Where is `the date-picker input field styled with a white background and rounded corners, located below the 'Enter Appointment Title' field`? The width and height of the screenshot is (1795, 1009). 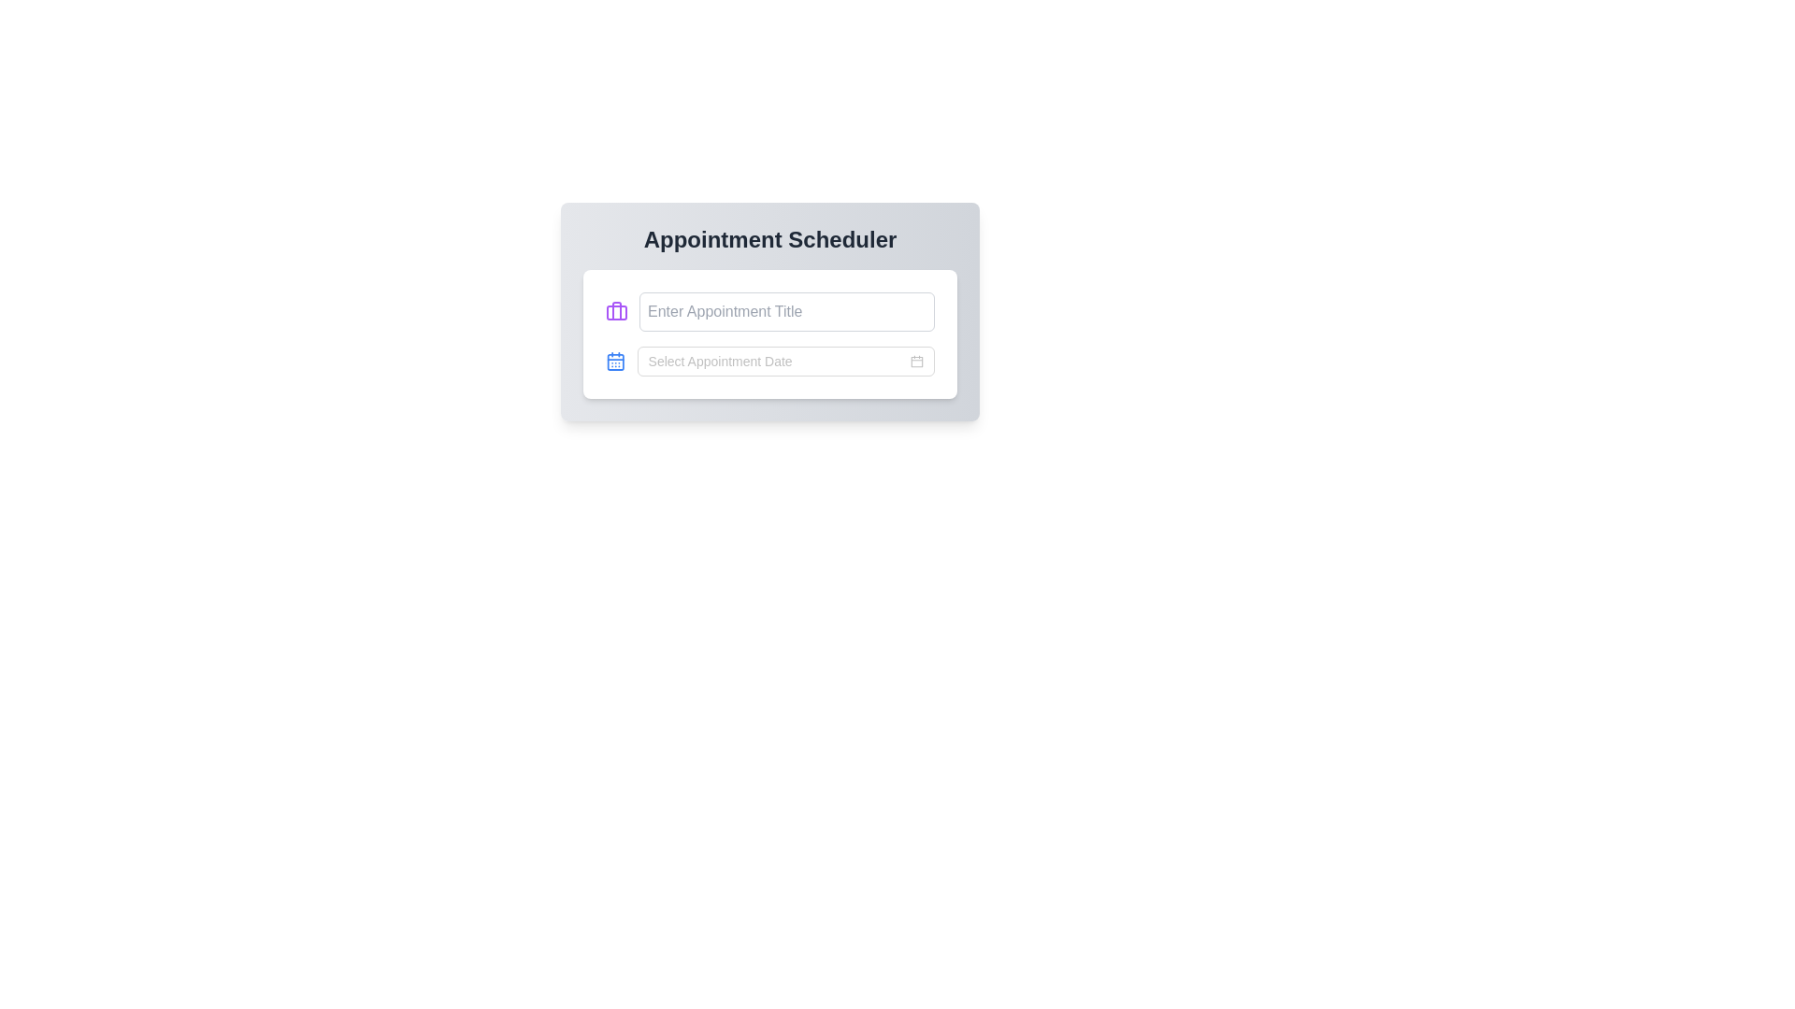
the date-picker input field styled with a white background and rounded corners, located below the 'Enter Appointment Title' field is located at coordinates (785, 361).